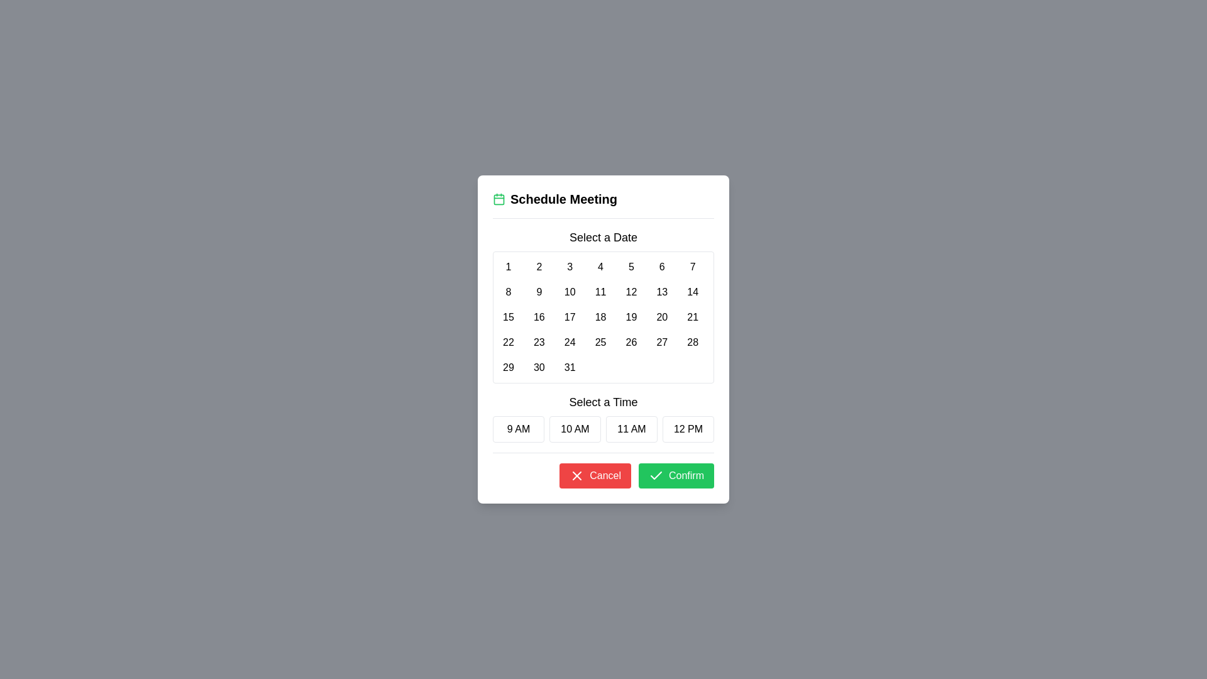 This screenshot has height=679, width=1207. I want to click on the small square button containing the number '13', so click(661, 292).